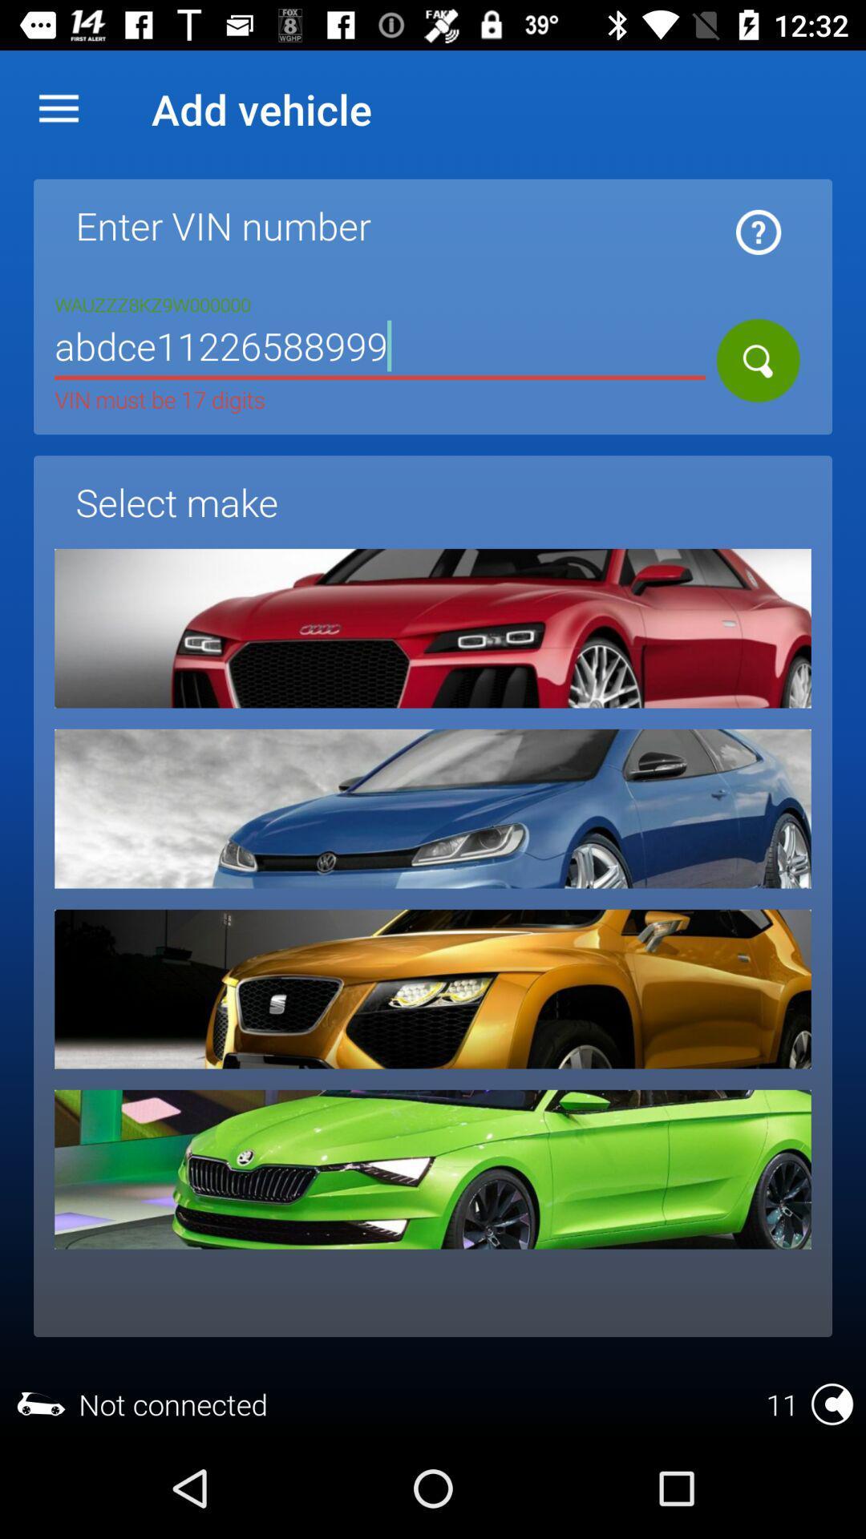 Image resolution: width=866 pixels, height=1539 pixels. What do you see at coordinates (380, 348) in the screenshot?
I see `abdce11226588999 icon` at bounding box center [380, 348].